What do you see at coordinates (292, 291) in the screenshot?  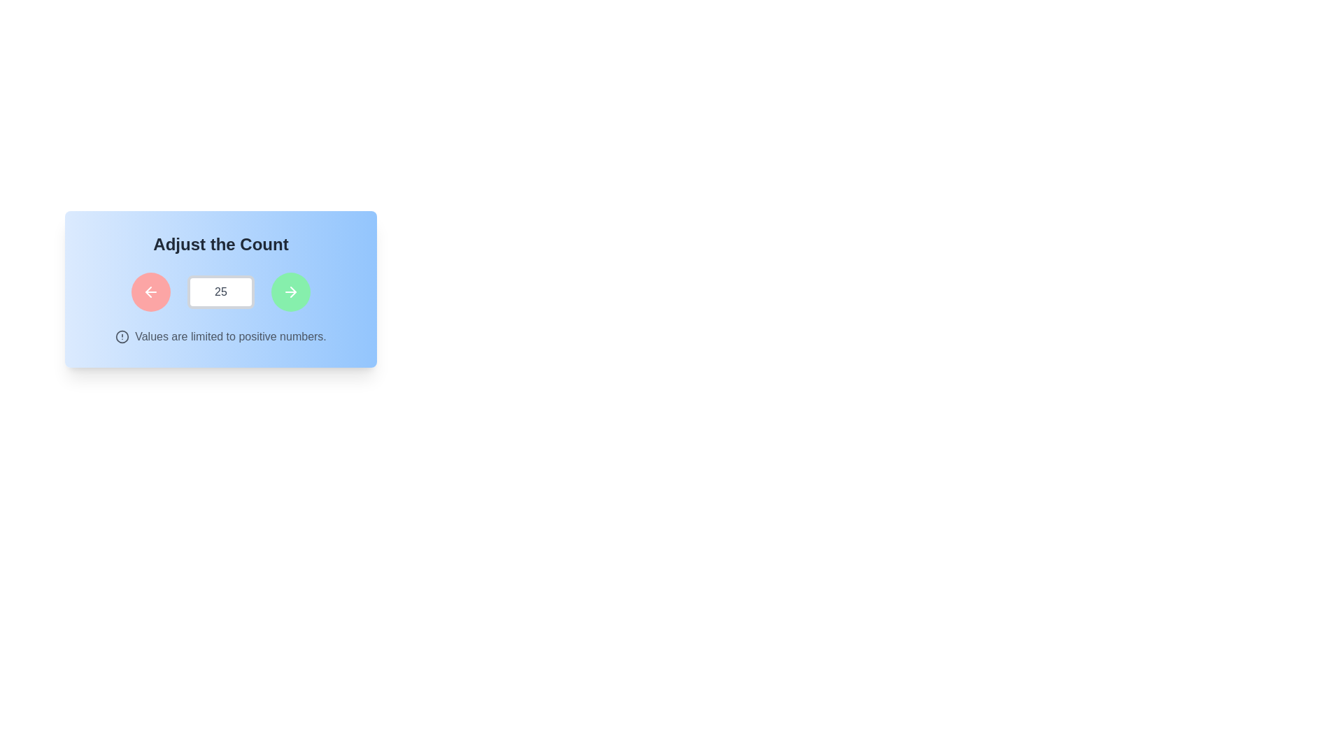 I see `the right-pointing arrowhead within the SVG icon that is part of the arrow, located near the right of the interactive counter area` at bounding box center [292, 291].